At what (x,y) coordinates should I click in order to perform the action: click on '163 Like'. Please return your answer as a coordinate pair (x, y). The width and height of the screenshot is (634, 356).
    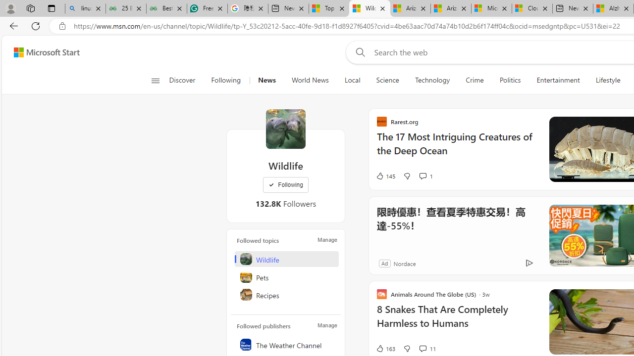
    Looking at the image, I should click on (385, 348).